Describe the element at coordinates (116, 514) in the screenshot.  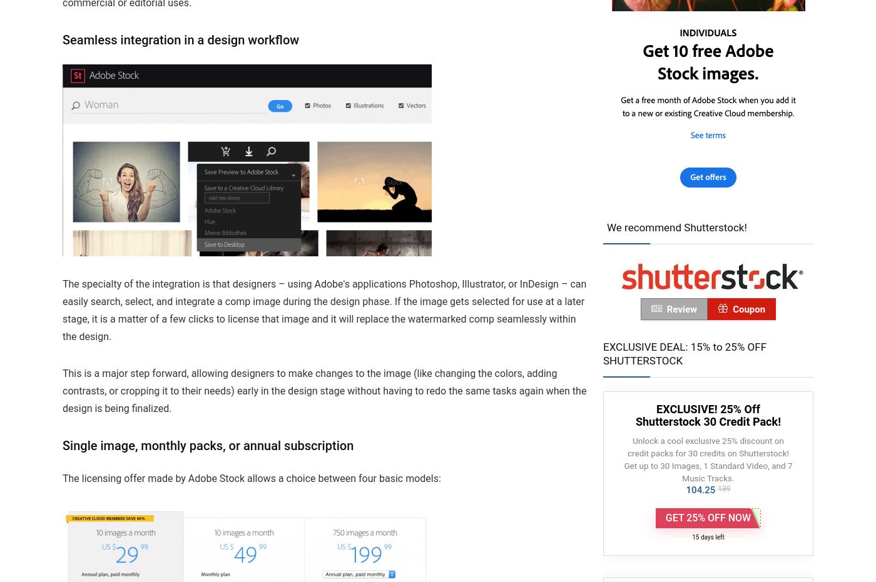
I see `'How this site works…'` at that location.